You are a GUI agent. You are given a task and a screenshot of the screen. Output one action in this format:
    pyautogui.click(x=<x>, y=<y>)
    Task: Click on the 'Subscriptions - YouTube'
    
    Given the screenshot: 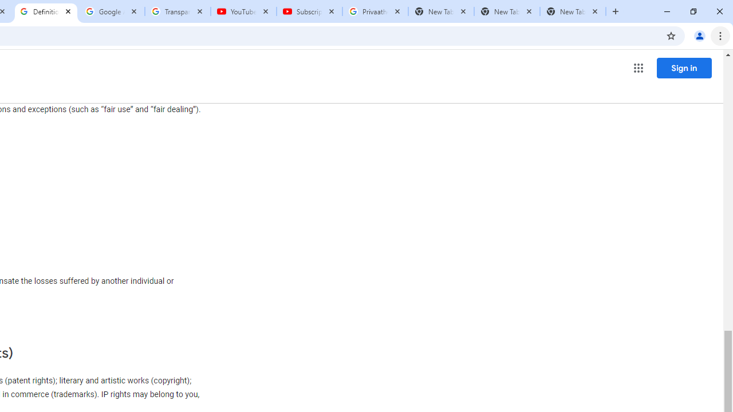 What is the action you would take?
    pyautogui.click(x=309, y=11)
    